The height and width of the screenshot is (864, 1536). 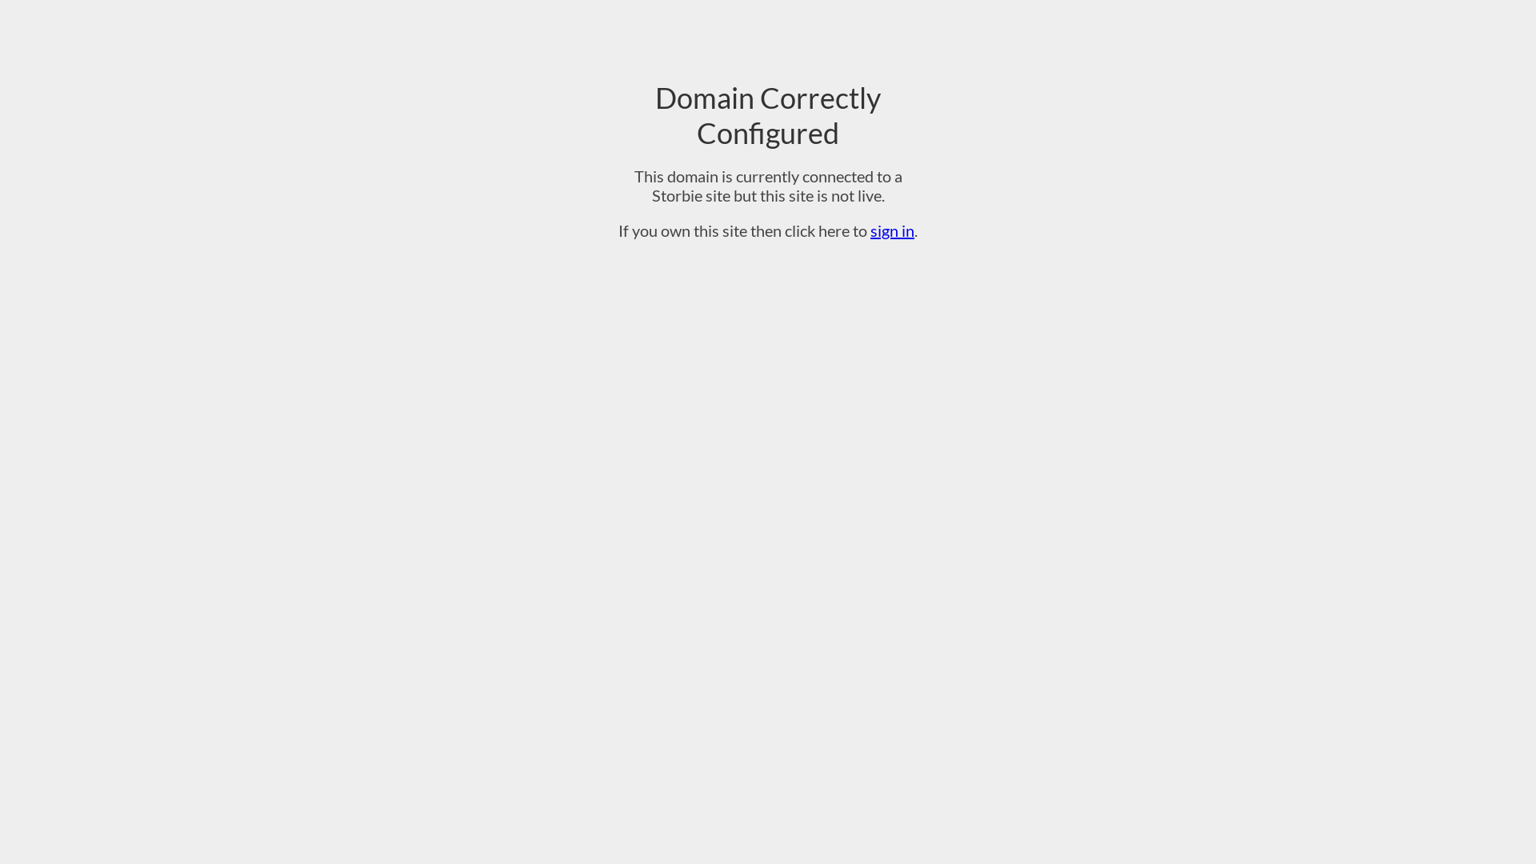 I want to click on 'sign in', so click(x=870, y=230).